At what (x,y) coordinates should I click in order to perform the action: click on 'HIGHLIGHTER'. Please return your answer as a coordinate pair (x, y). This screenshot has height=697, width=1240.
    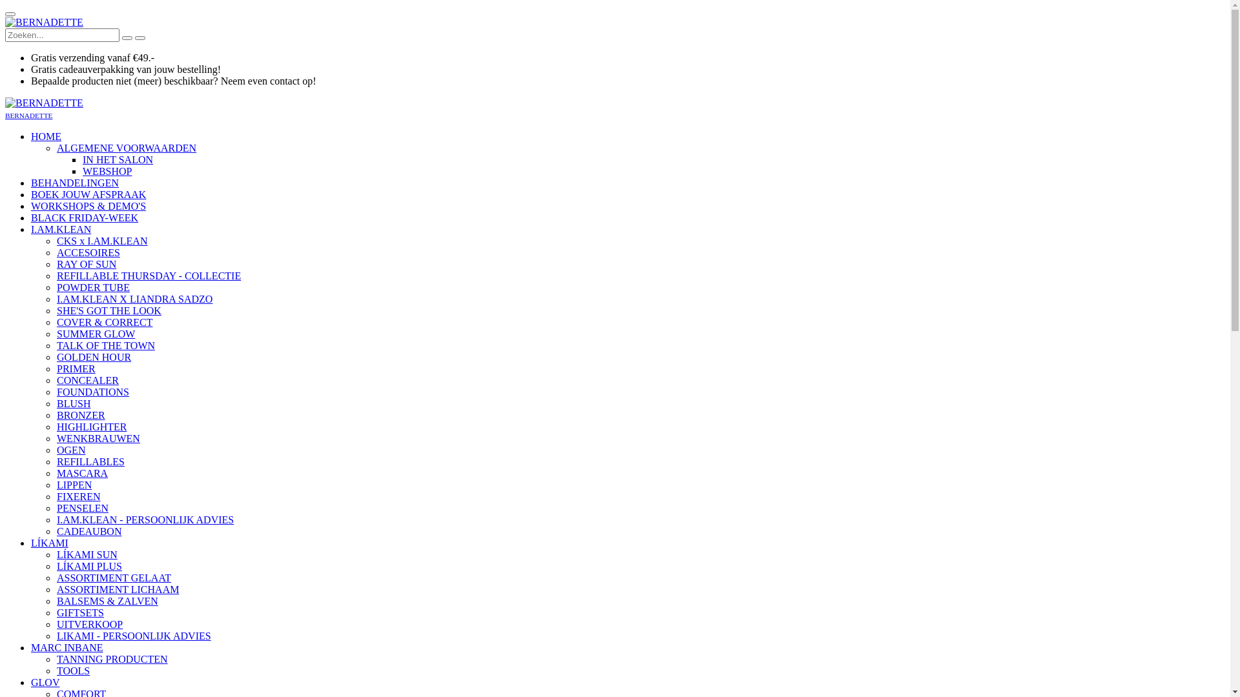
    Looking at the image, I should click on (91, 427).